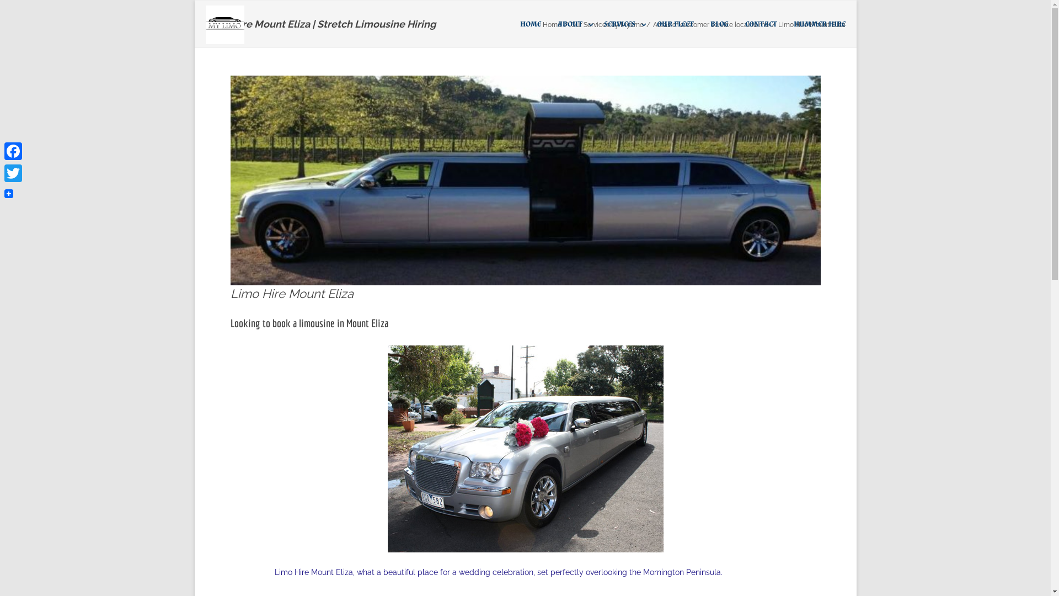 The height and width of the screenshot is (596, 1059). What do you see at coordinates (571, 24) in the screenshot?
I see `'ABOUT'` at bounding box center [571, 24].